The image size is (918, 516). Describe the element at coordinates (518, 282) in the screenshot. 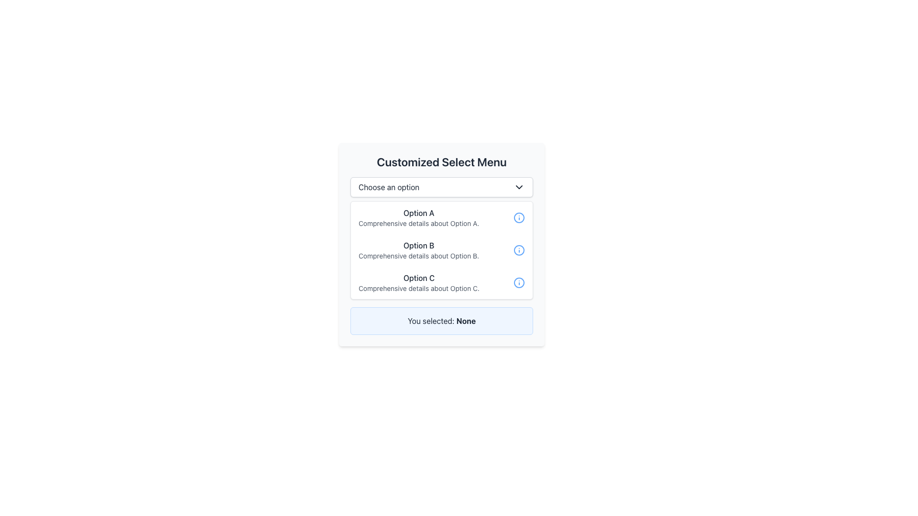

I see `the circular info icon with a blue outline located to the right of the 'Option C' menu item in the dropdown menu` at that location.